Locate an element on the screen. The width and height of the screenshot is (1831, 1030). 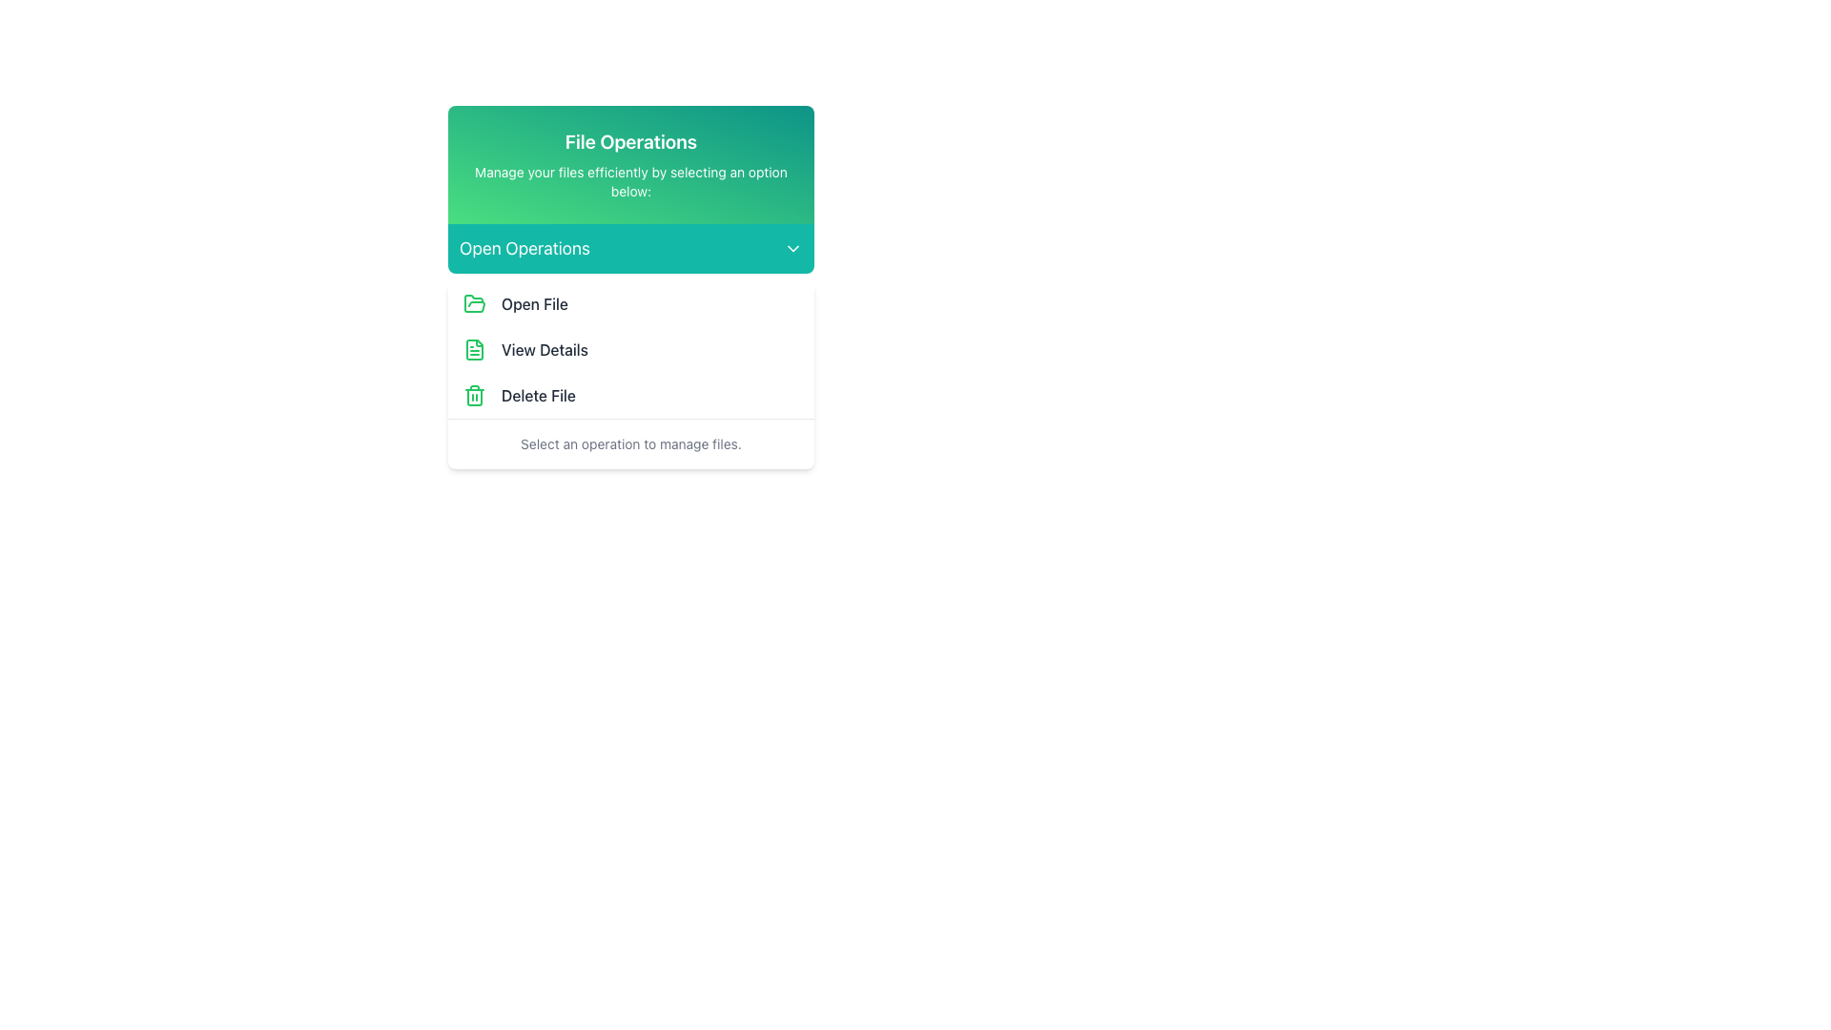
the 'View Details' button, which is the second item in the 'File Operations' list is located at coordinates (631, 349).